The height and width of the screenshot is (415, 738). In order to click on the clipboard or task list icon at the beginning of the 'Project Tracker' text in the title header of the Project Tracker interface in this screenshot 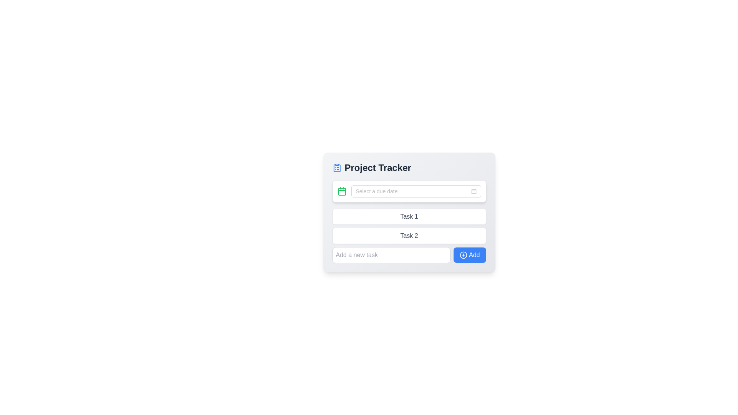, I will do `click(337, 167)`.